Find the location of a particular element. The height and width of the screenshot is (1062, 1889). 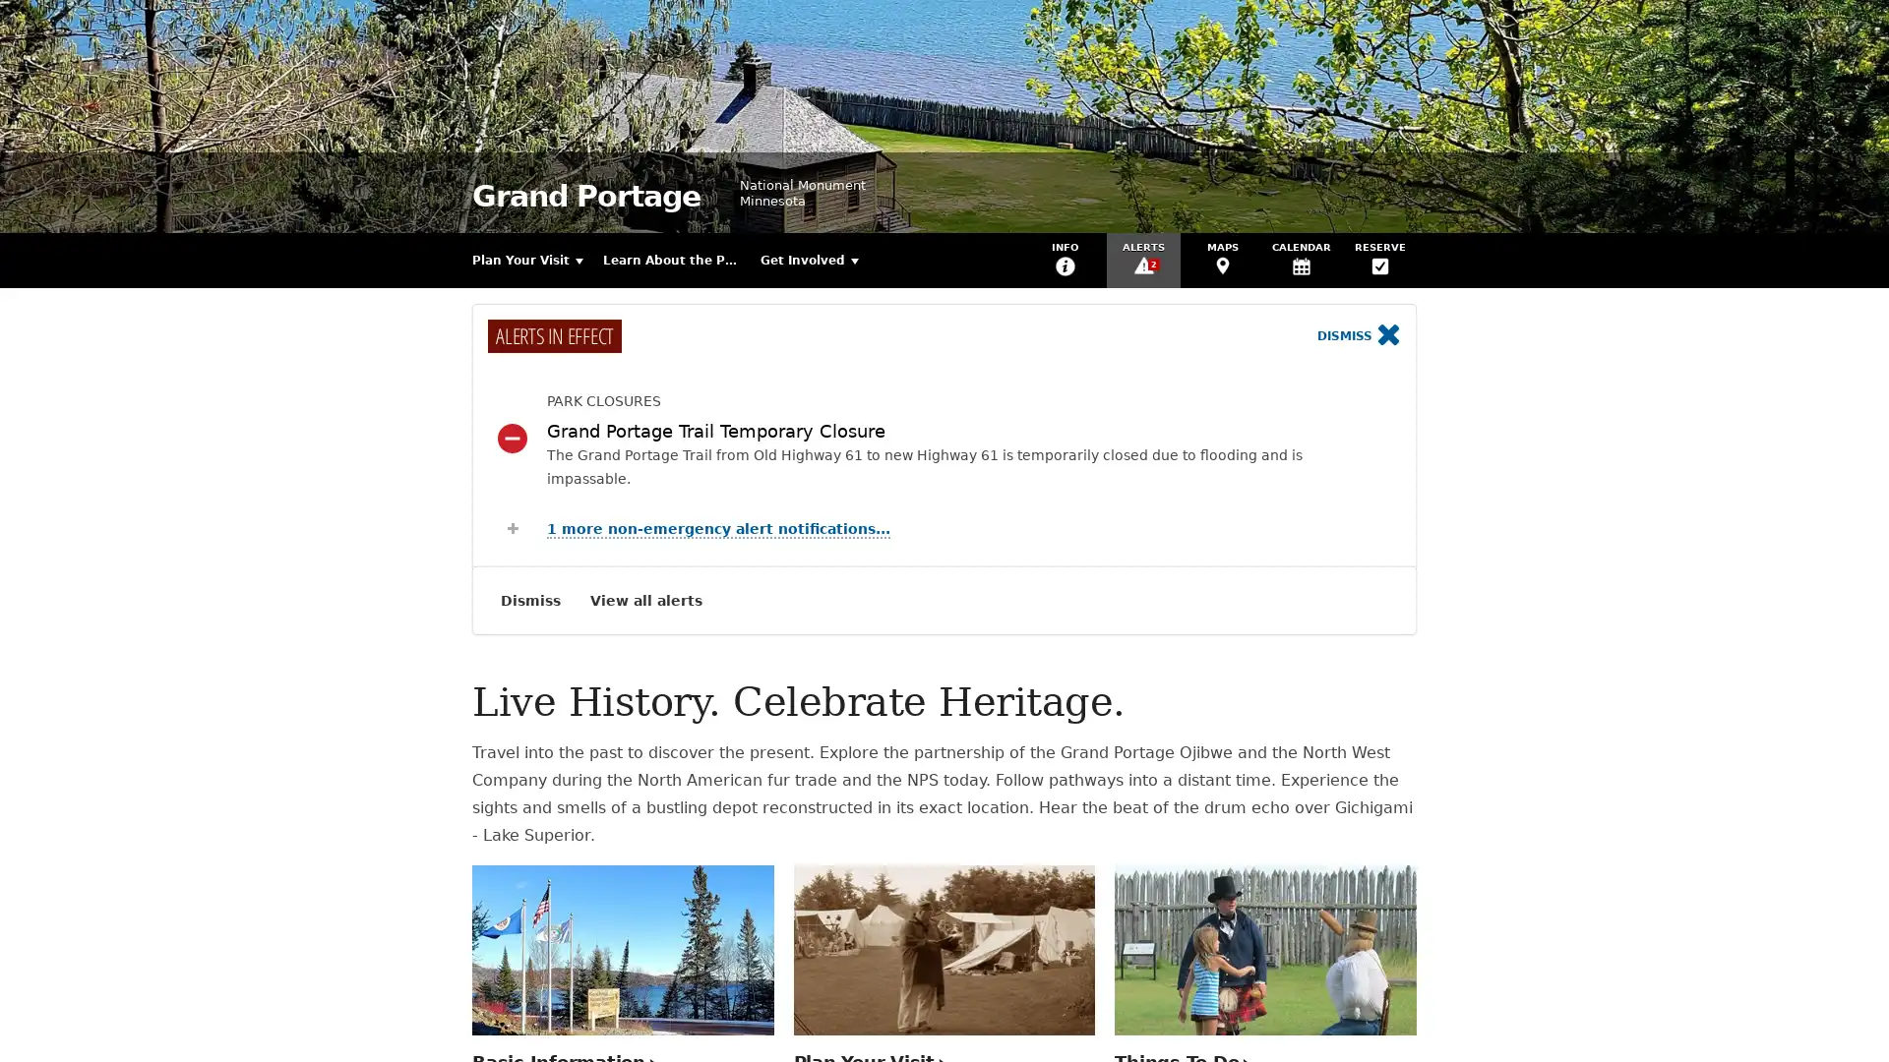

Dismiss Alerts Notification is located at coordinates (530, 599).